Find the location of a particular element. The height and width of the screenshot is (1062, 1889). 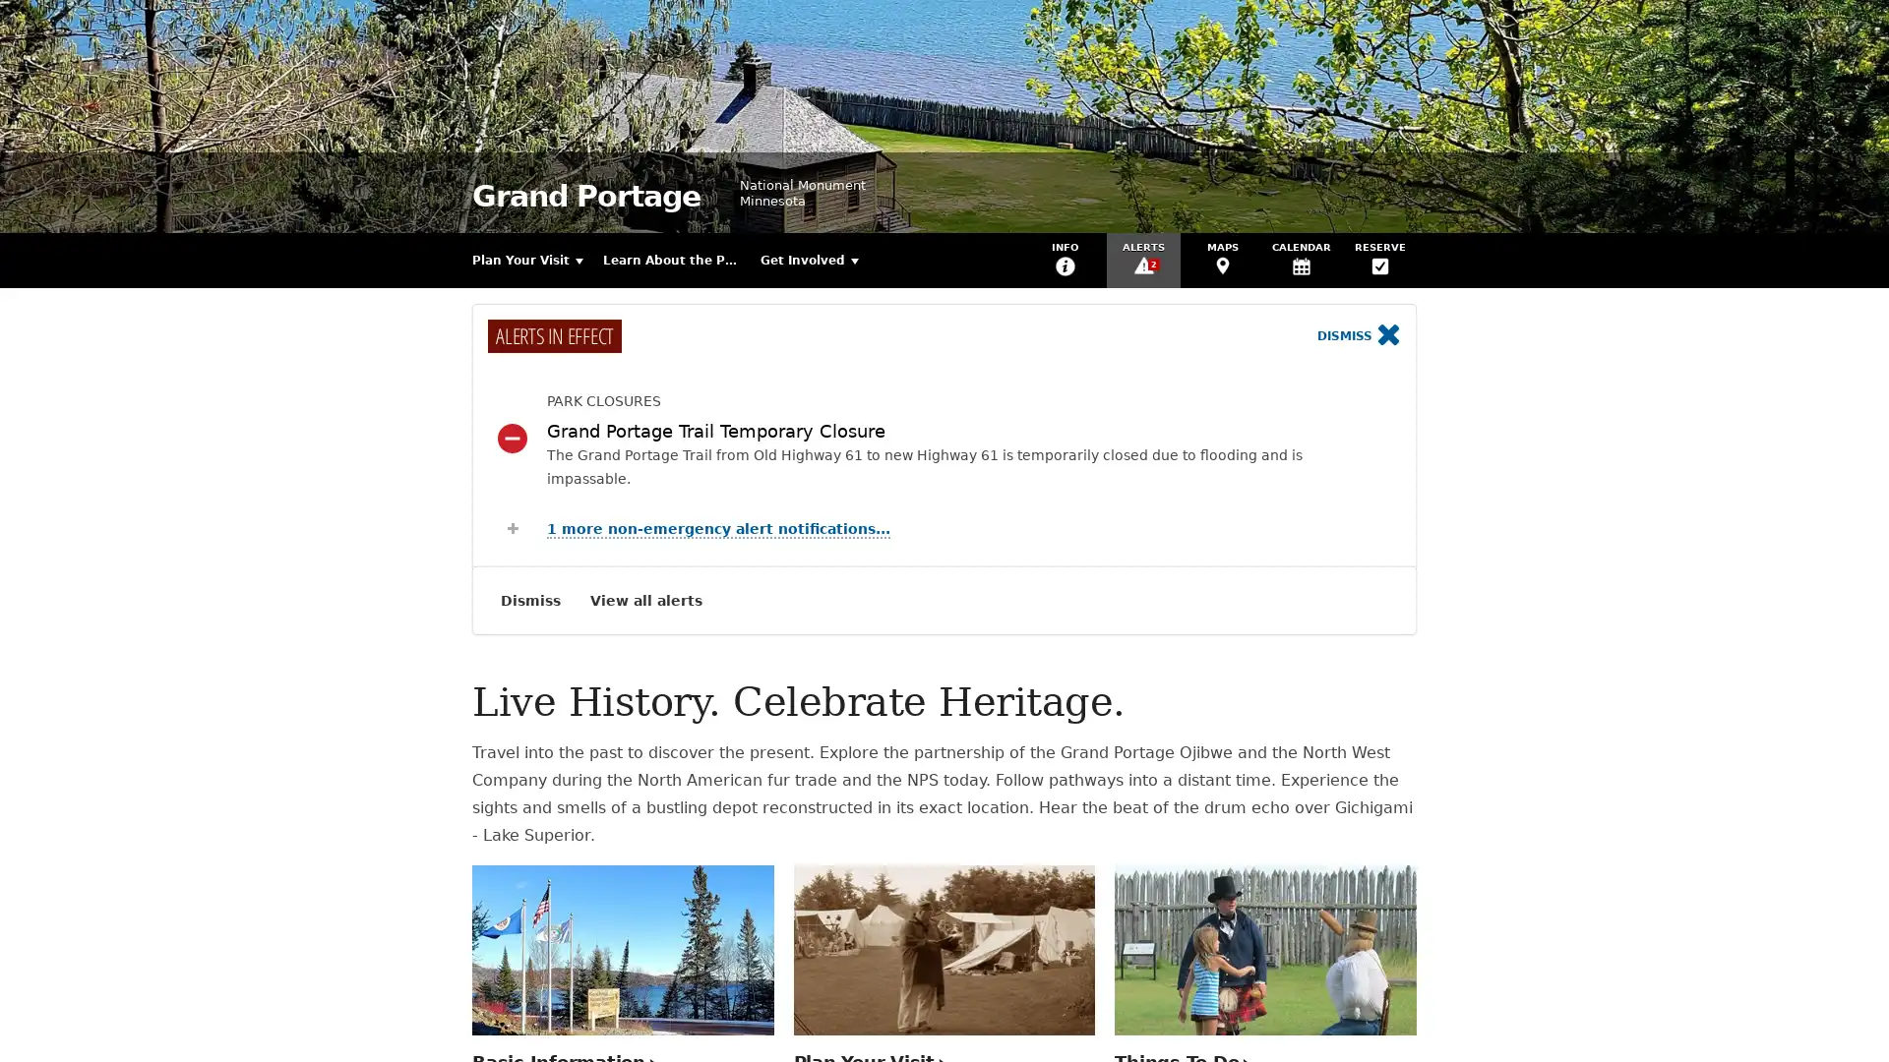

Dismiss Alerts Notification is located at coordinates (530, 599).